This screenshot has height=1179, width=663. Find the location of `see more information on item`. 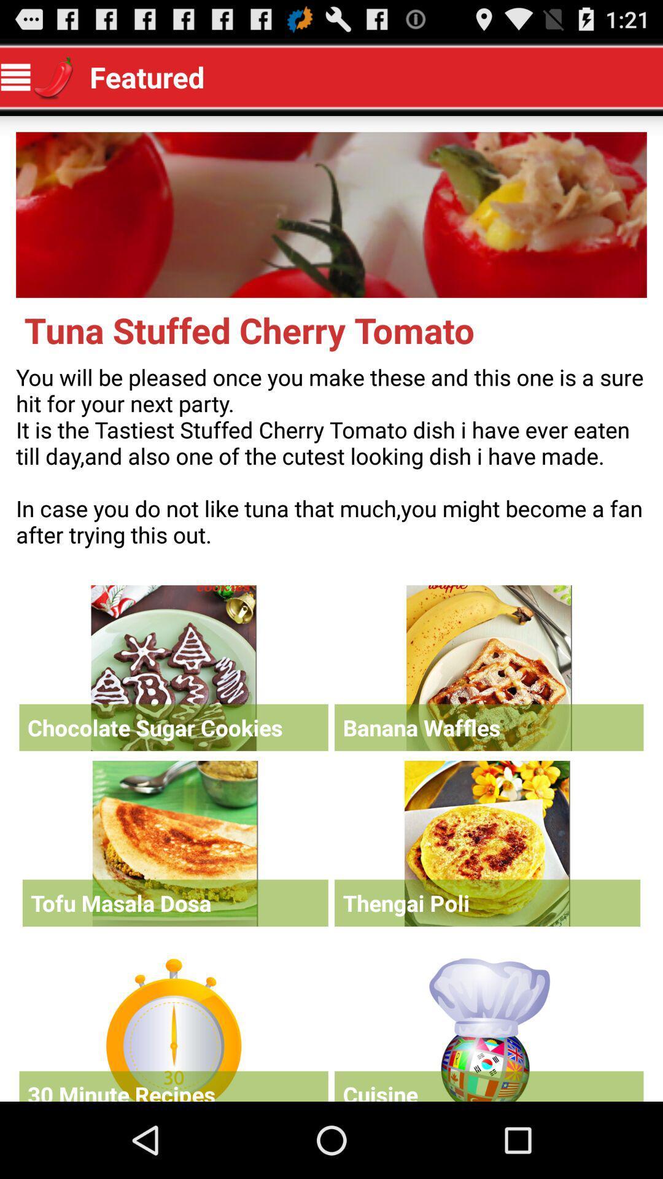

see more information on item is located at coordinates (174, 667).